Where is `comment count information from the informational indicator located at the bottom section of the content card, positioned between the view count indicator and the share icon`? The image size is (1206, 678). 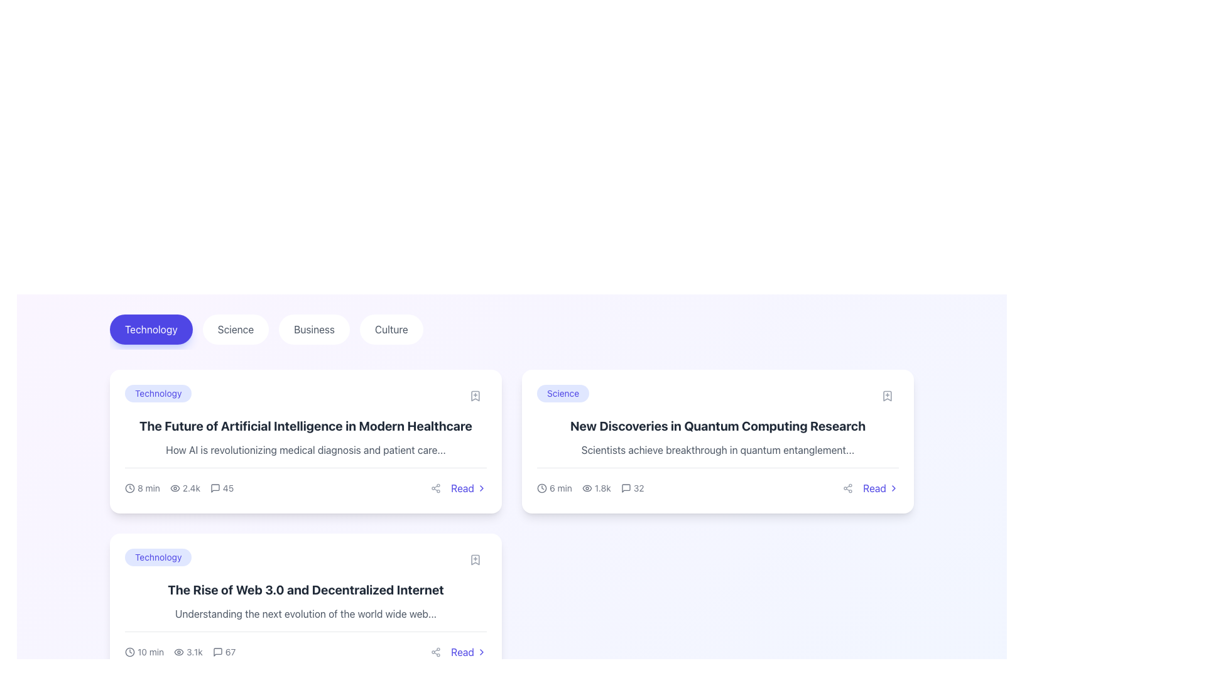 comment count information from the informational indicator located at the bottom section of the content card, positioned between the view count indicator and the share icon is located at coordinates (224, 651).